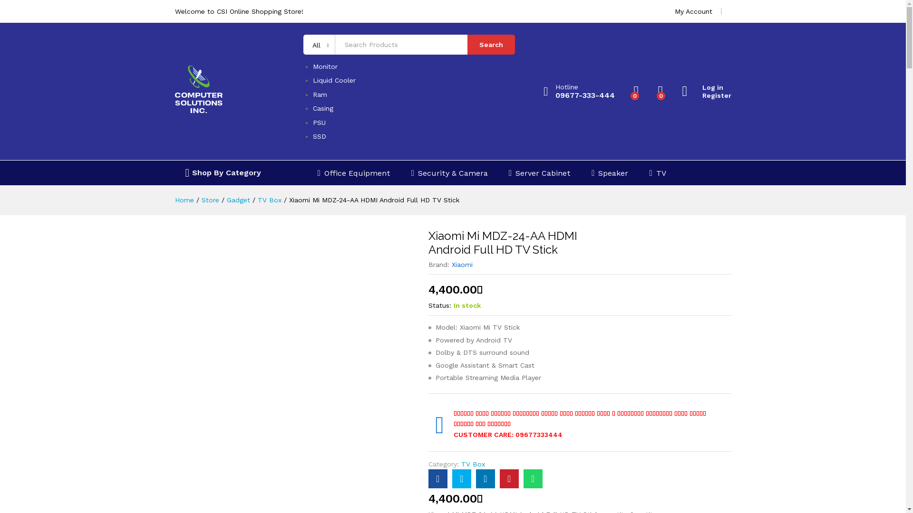 The height and width of the screenshot is (513, 913). What do you see at coordinates (461, 478) in the screenshot?
I see `'Xiaomi+Mi+MDZ-24-AA+HDMI+Android+Full+HD+TV+Stick'` at bounding box center [461, 478].